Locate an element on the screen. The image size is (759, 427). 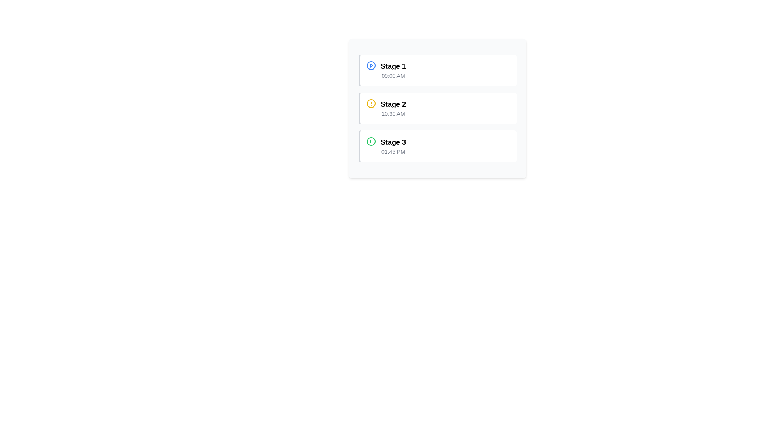
the icon of the third list item in the vertically structured list of stages, which indicates a specific stage in a sequence with an associated time is located at coordinates (386, 146).